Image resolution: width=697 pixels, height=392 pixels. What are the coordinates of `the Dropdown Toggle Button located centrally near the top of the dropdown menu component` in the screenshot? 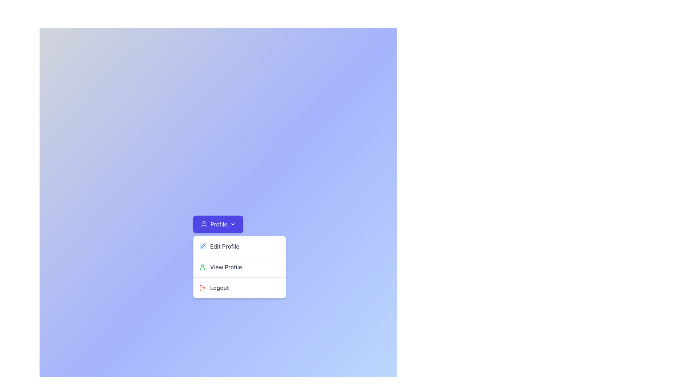 It's located at (217, 224).